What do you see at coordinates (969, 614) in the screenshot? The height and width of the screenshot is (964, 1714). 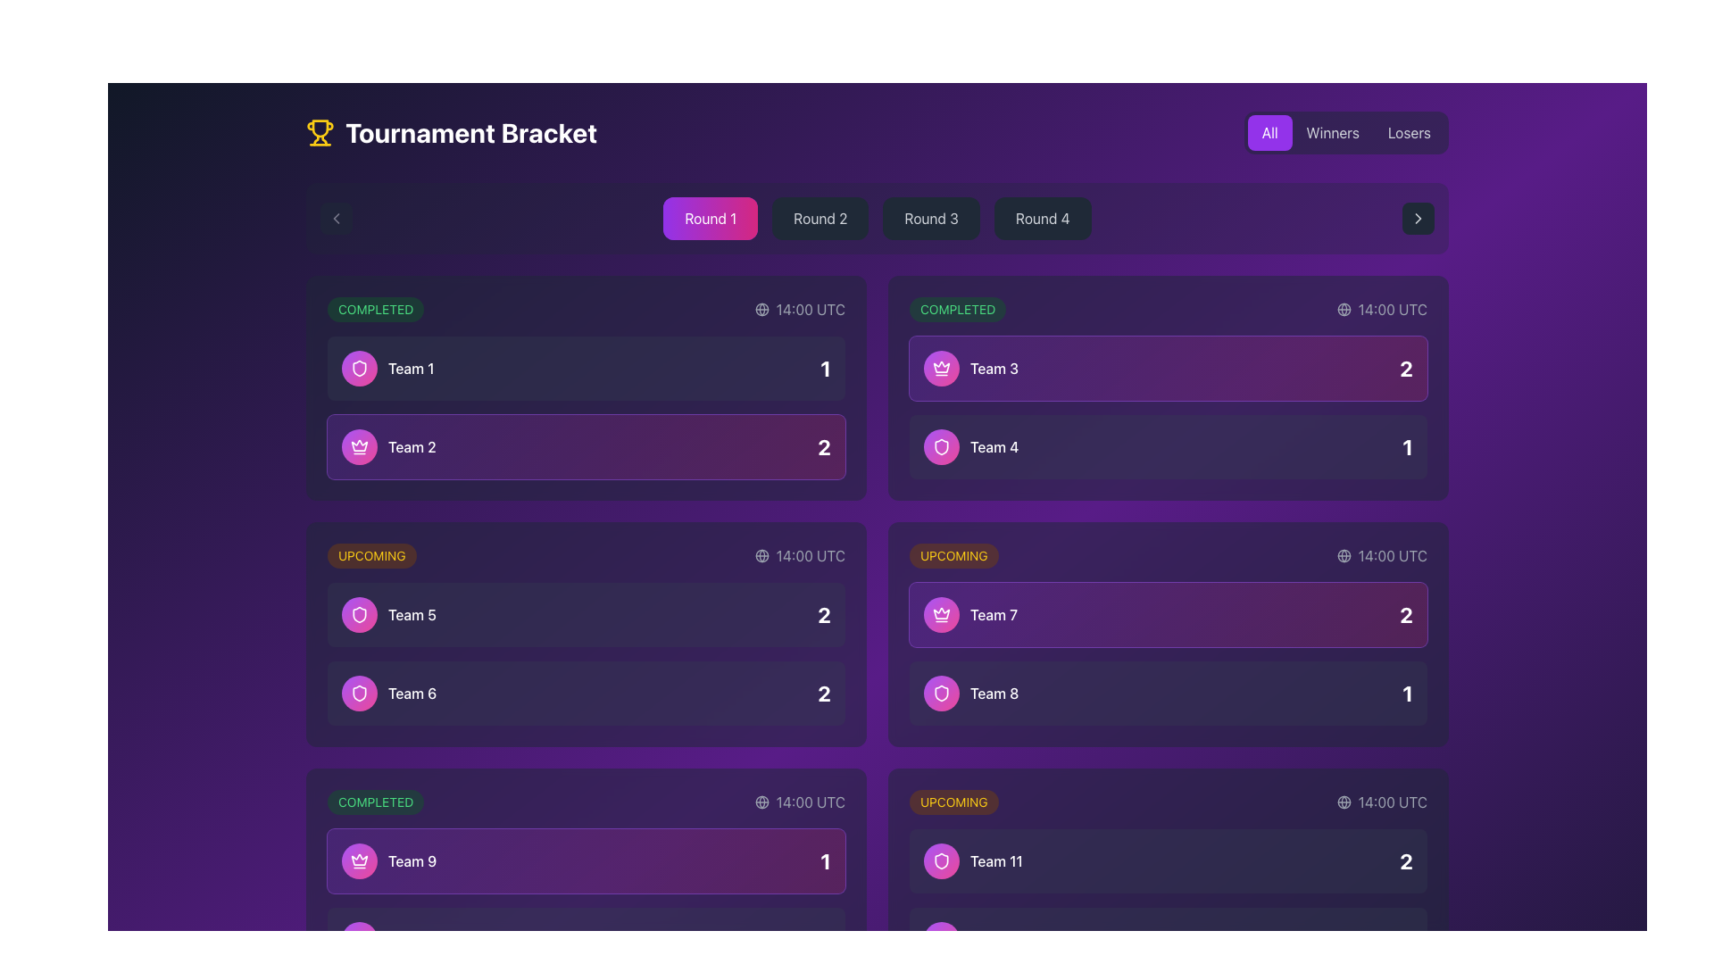 I see `text of the 'Team 7' label, which is styled with white font and positioned adjacent to a circular gradient icon with a crown symbol, within a card that has a purple gradient background` at bounding box center [969, 614].